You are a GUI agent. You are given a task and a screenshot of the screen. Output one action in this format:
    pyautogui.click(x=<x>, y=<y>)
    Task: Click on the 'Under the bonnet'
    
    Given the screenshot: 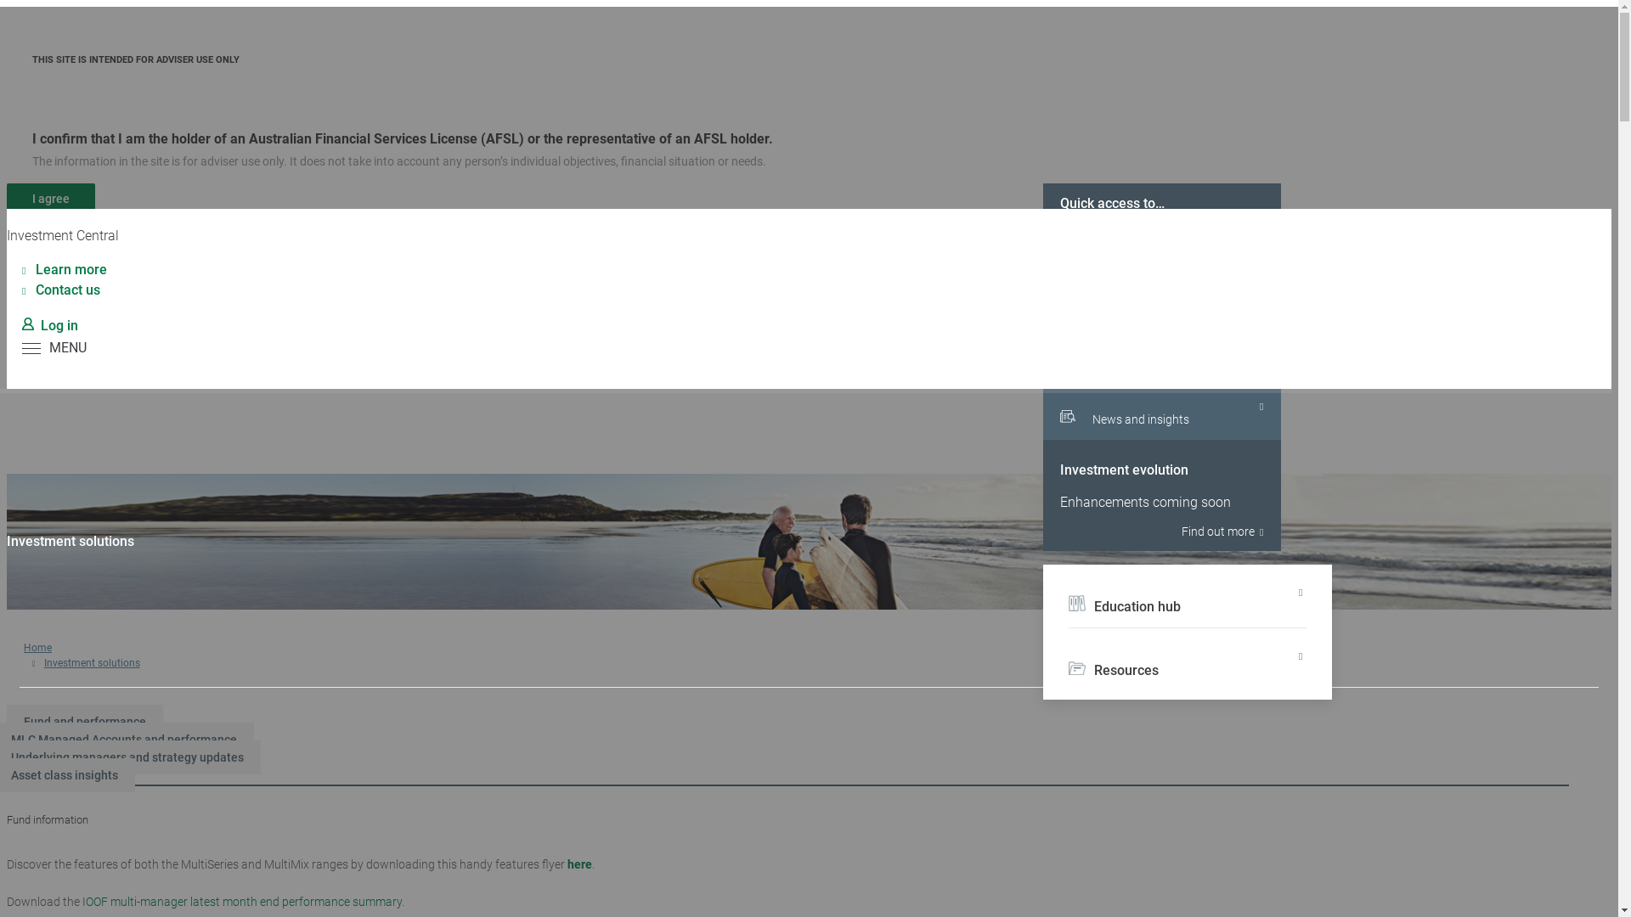 What is the action you would take?
    pyautogui.click(x=1161, y=304)
    